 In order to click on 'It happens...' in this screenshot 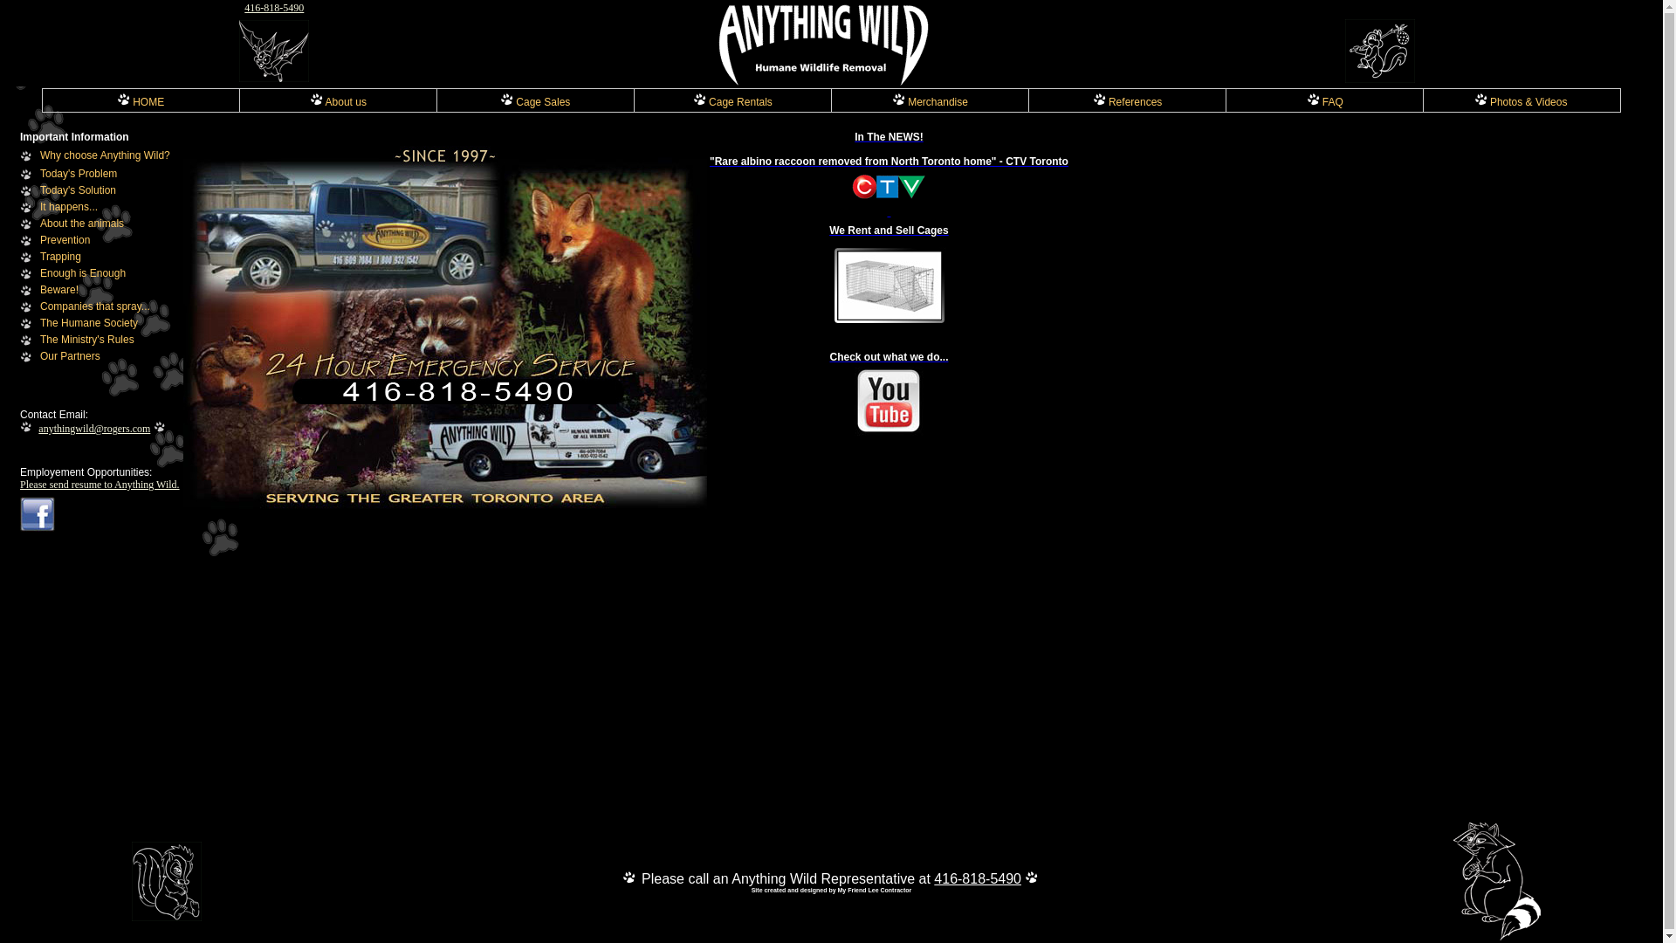, I will do `click(68, 205)`.